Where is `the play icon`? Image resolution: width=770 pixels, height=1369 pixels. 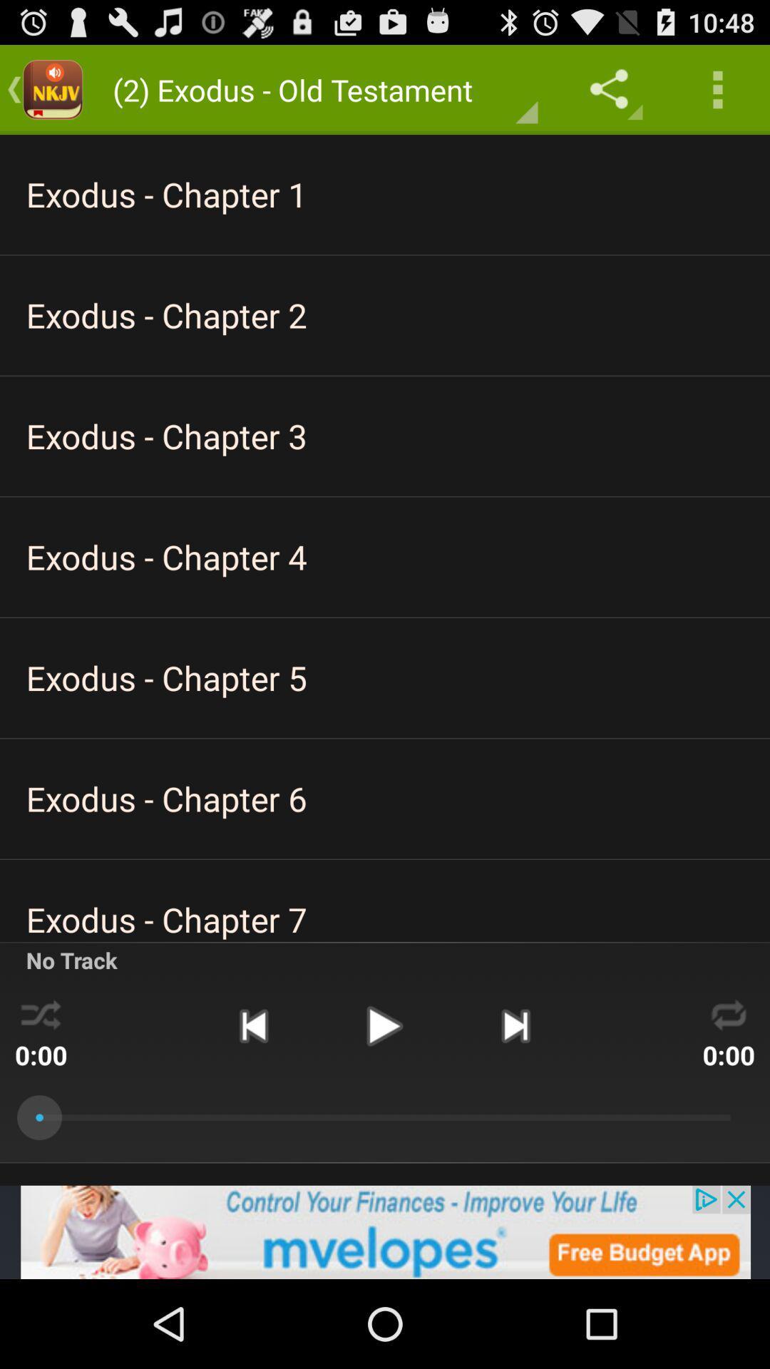
the play icon is located at coordinates (384, 1097).